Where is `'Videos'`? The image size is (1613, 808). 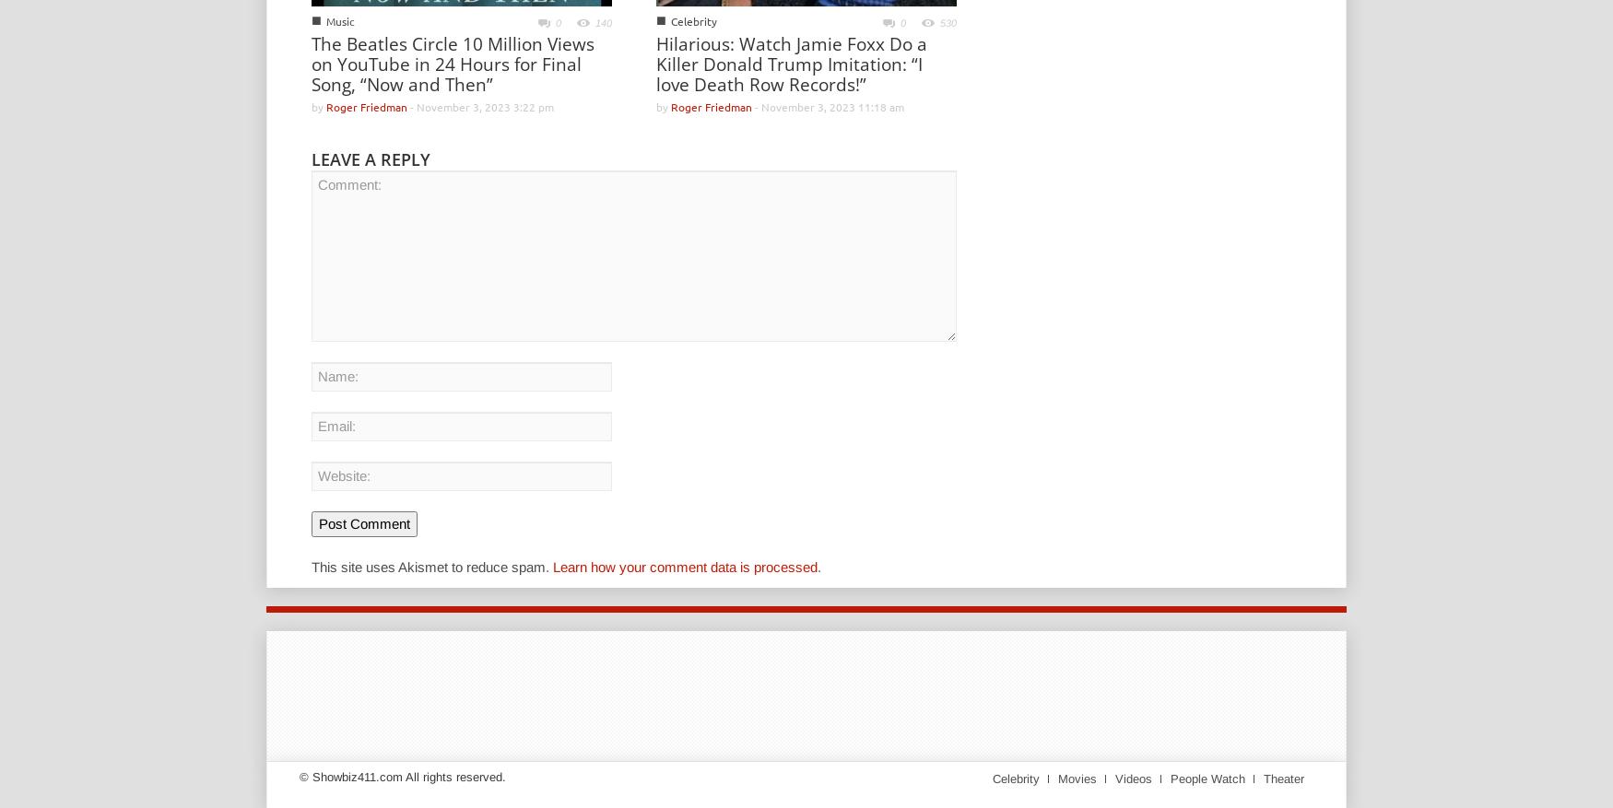
'Videos' is located at coordinates (1133, 778).